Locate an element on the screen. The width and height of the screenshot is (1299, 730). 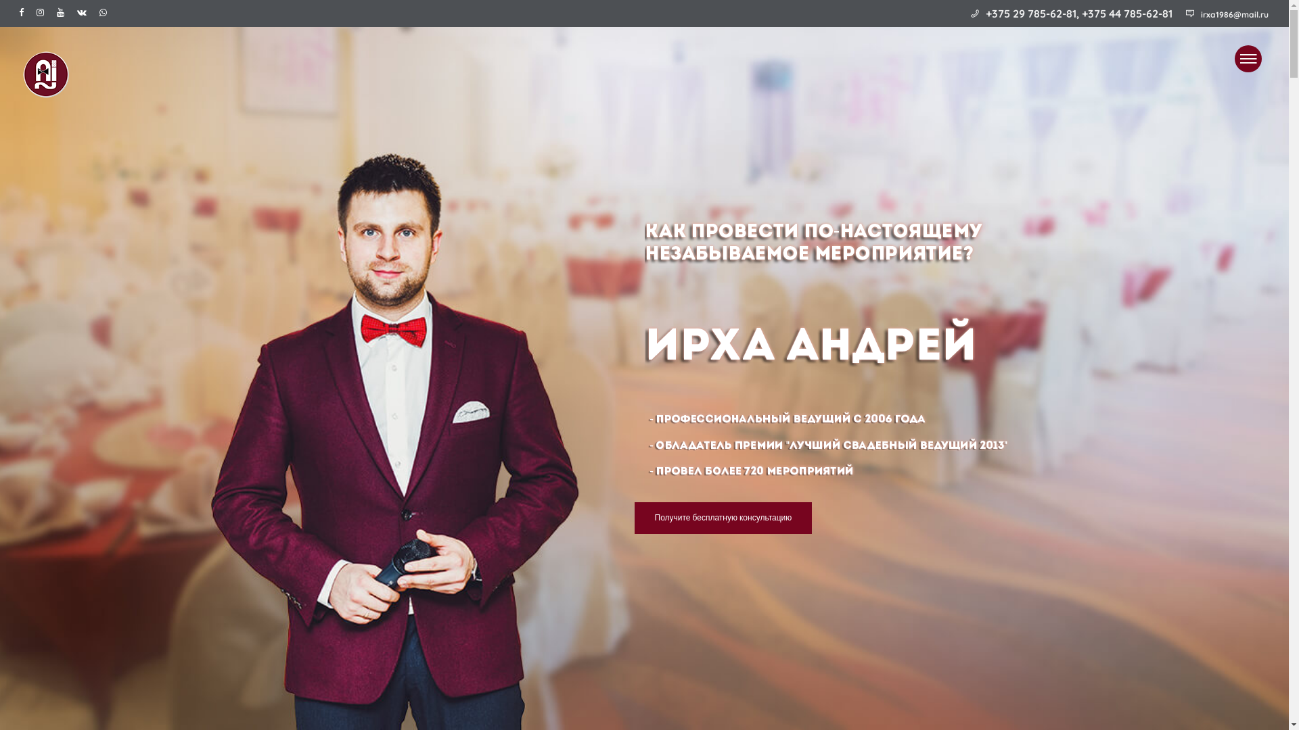
'irxa1986@mail.ru' is located at coordinates (1234, 14).